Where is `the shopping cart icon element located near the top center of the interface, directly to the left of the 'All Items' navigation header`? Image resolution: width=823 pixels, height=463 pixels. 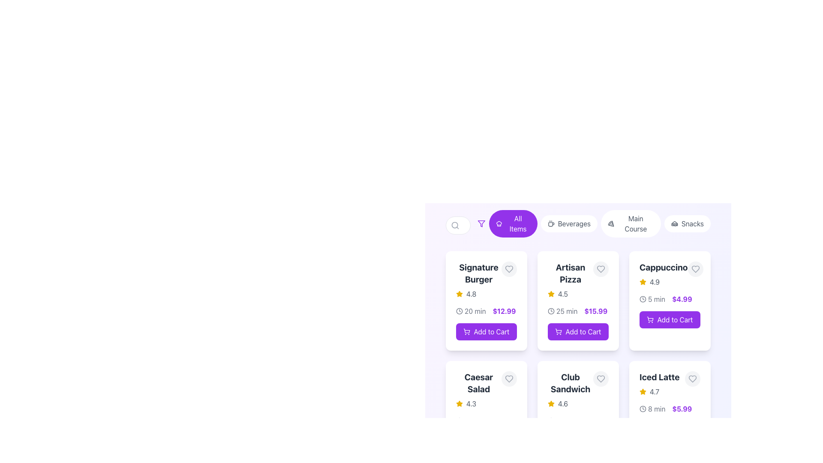 the shopping cart icon element located near the top center of the interface, directly to the left of the 'All Items' navigation header is located at coordinates (466, 330).